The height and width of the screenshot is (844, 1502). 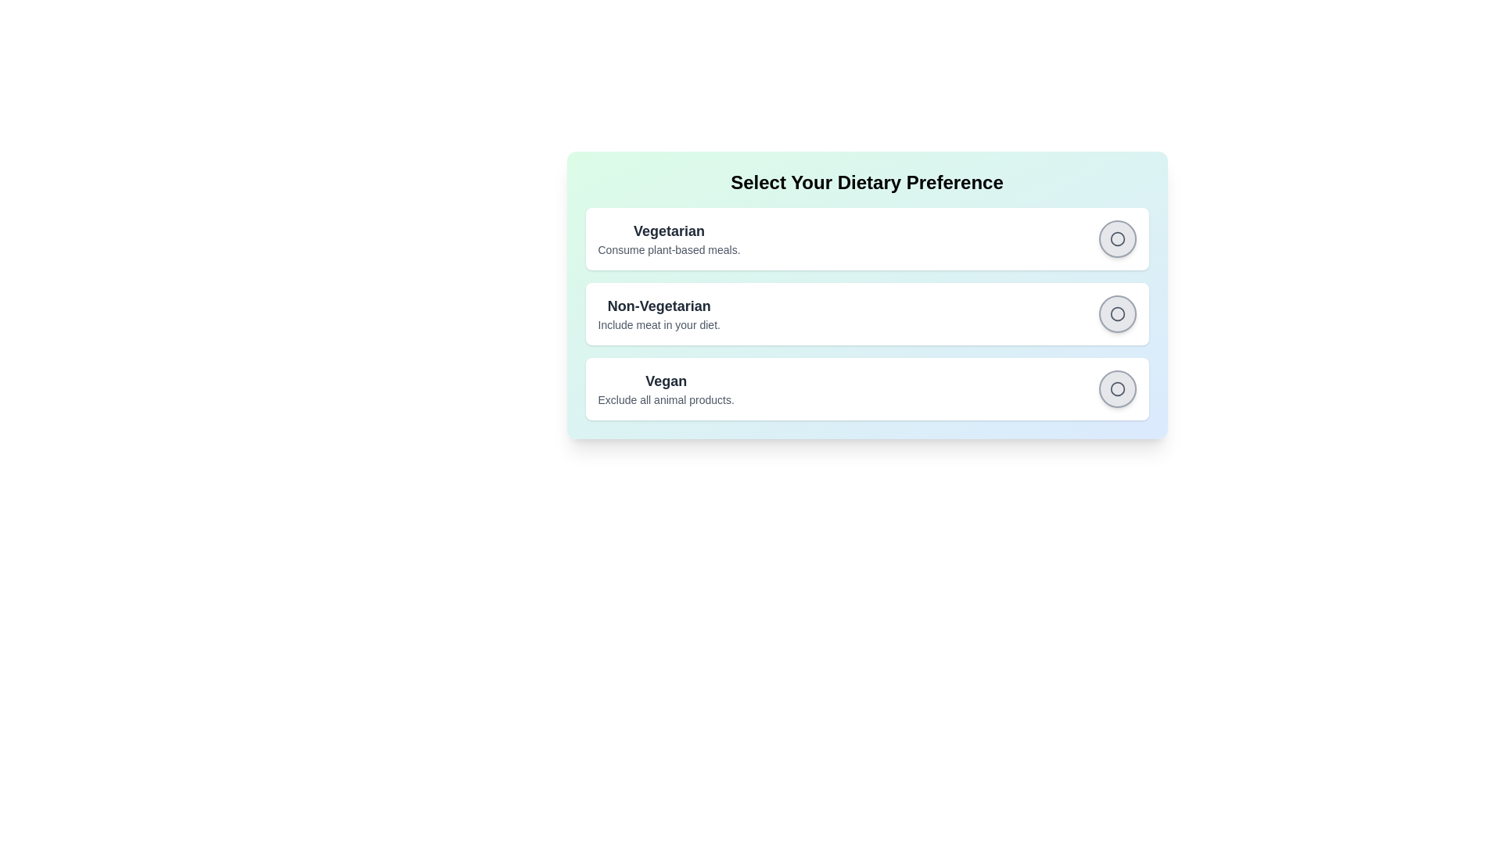 I want to click on the third circular radio button graphic icon representing dietary preferences, which is outlined in dark gray and located to the right of the 'Vegan' label, so click(x=1116, y=388).